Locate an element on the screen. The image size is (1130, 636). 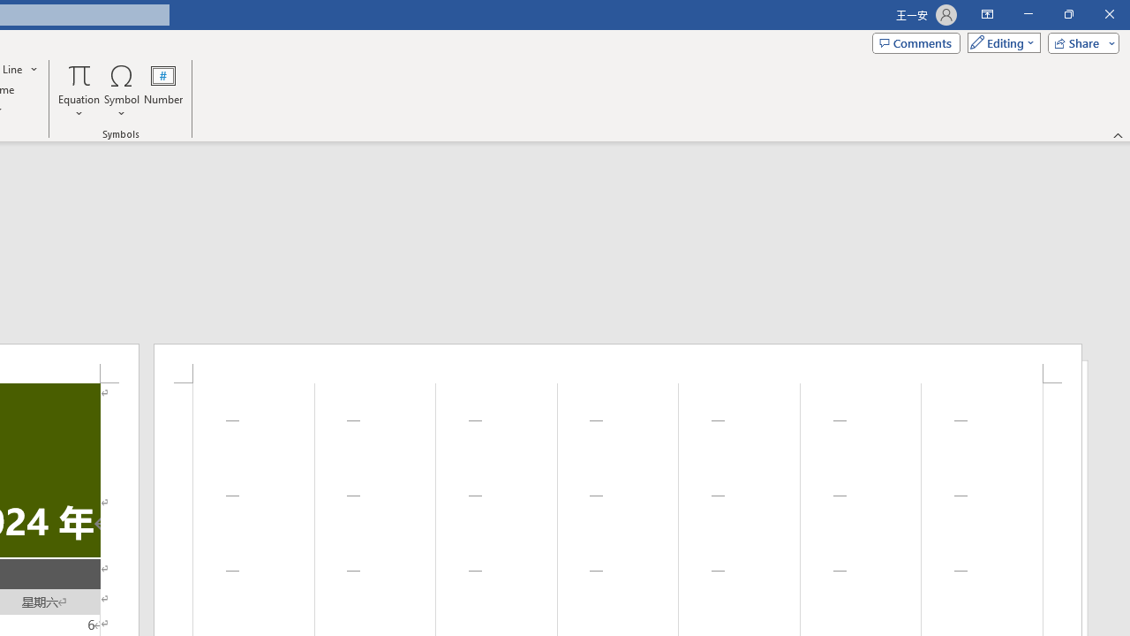
'Equation' is located at coordinates (79, 74).